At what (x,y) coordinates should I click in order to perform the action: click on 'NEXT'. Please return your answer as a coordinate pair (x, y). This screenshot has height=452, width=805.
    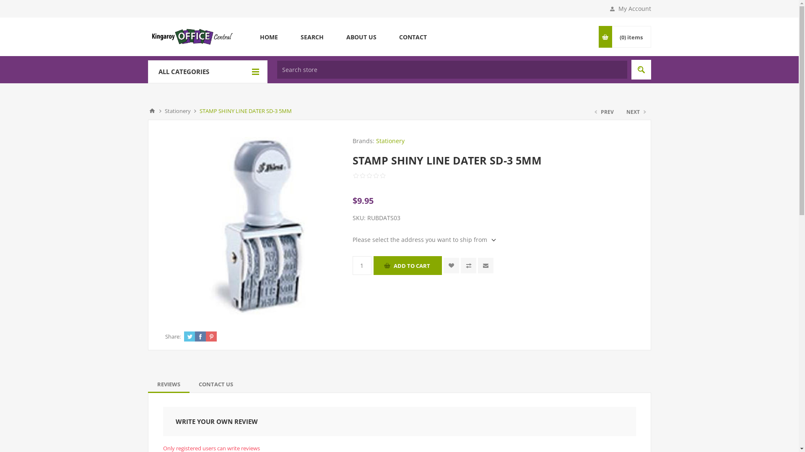
    Looking at the image, I should click on (635, 111).